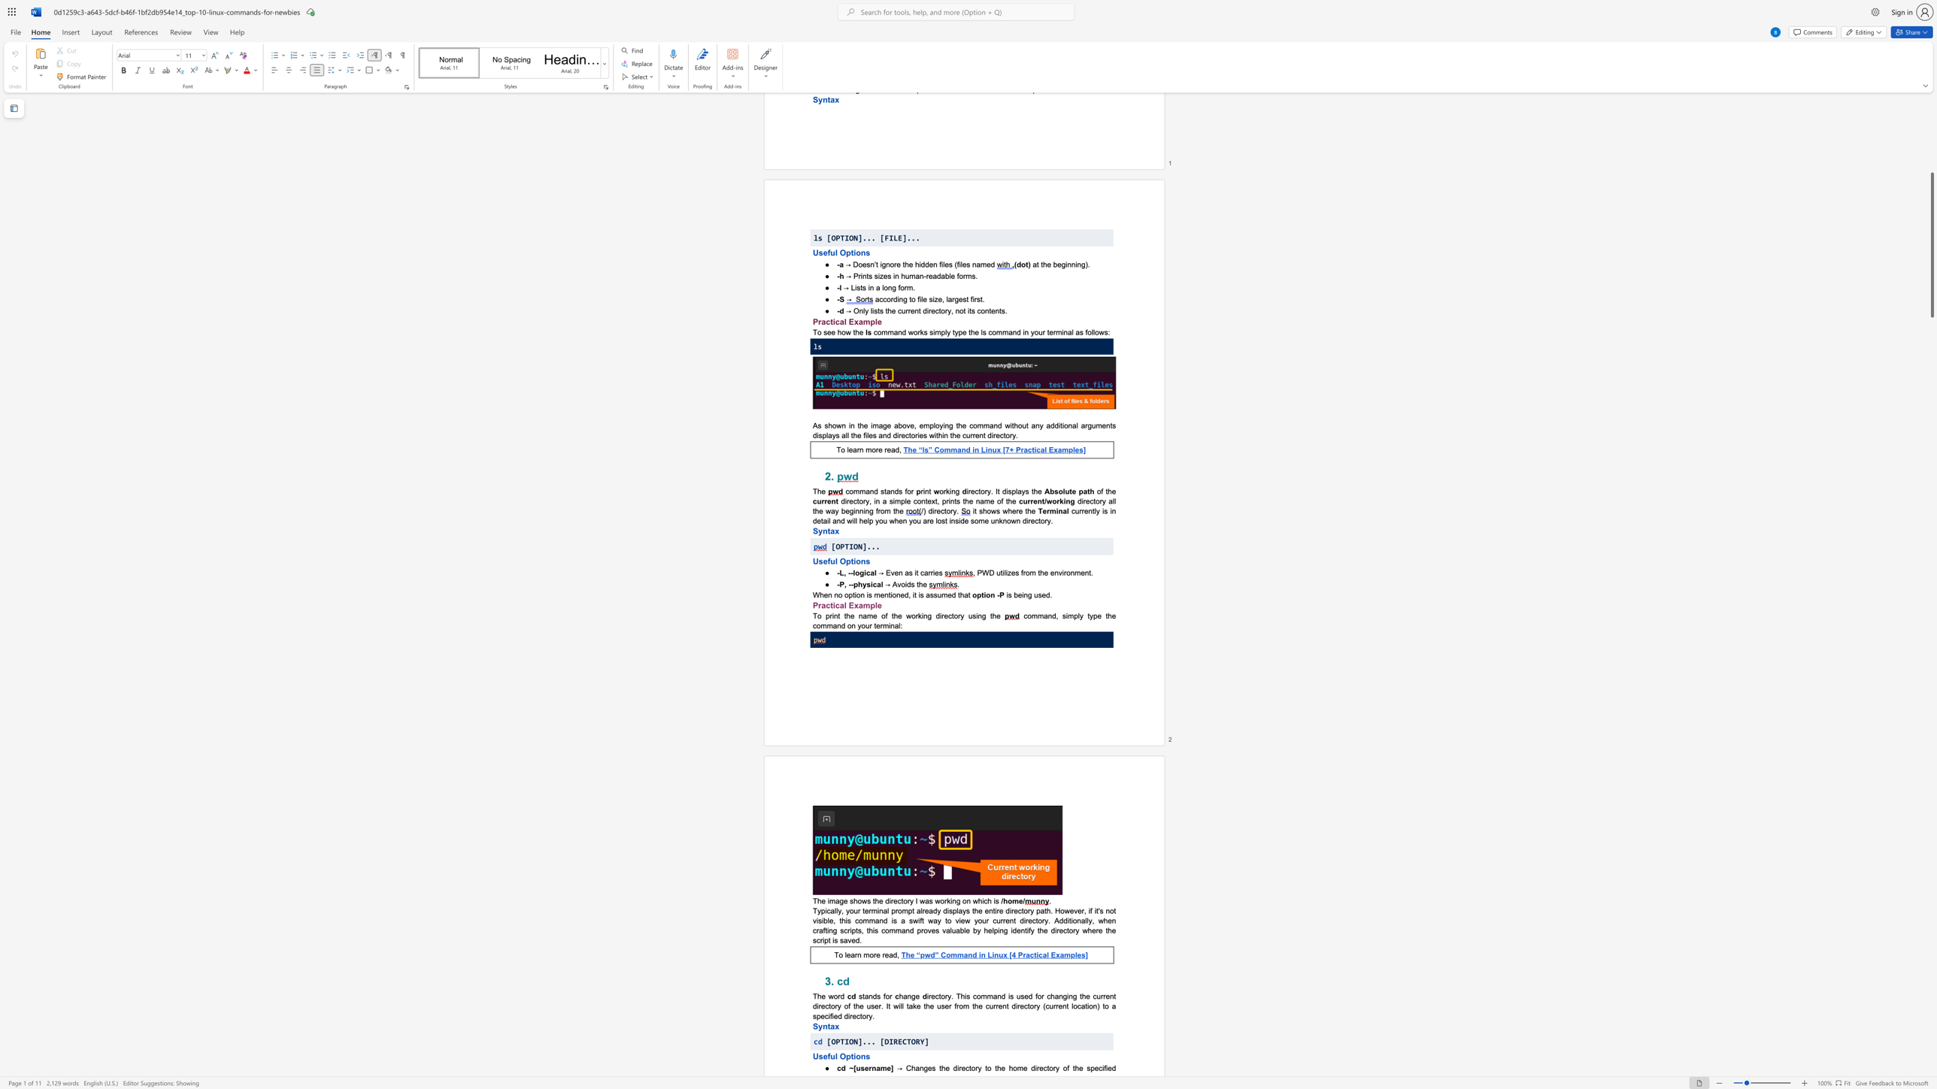 The height and width of the screenshot is (1089, 1937). What do you see at coordinates (936, 594) in the screenshot?
I see `the subset text "umed" within the text "is mentioned, it is assumed that"` at bounding box center [936, 594].